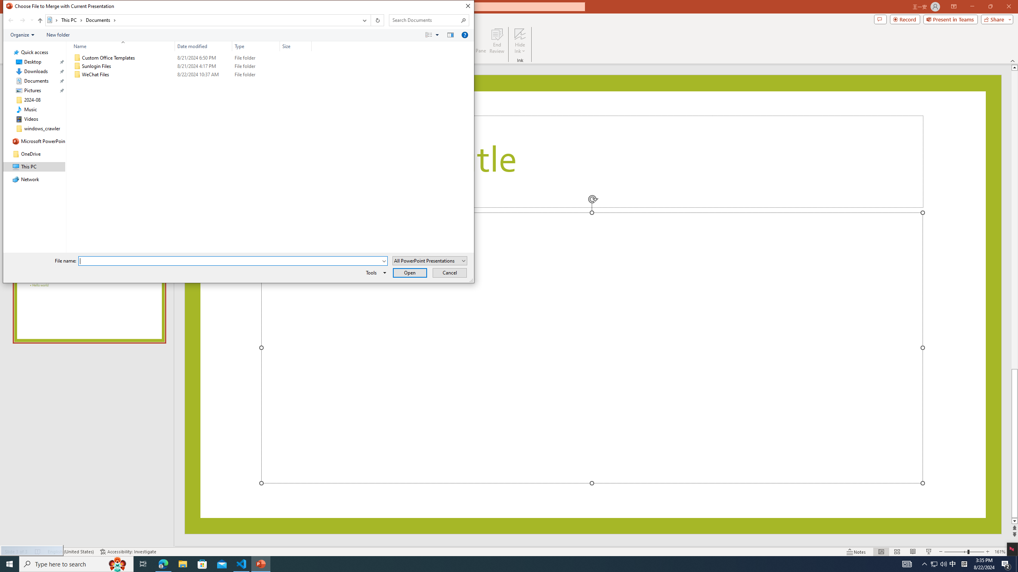 The height and width of the screenshot is (572, 1018). What do you see at coordinates (128, 552) in the screenshot?
I see `'Accessibility Checker Accessibility: Investigate'` at bounding box center [128, 552].